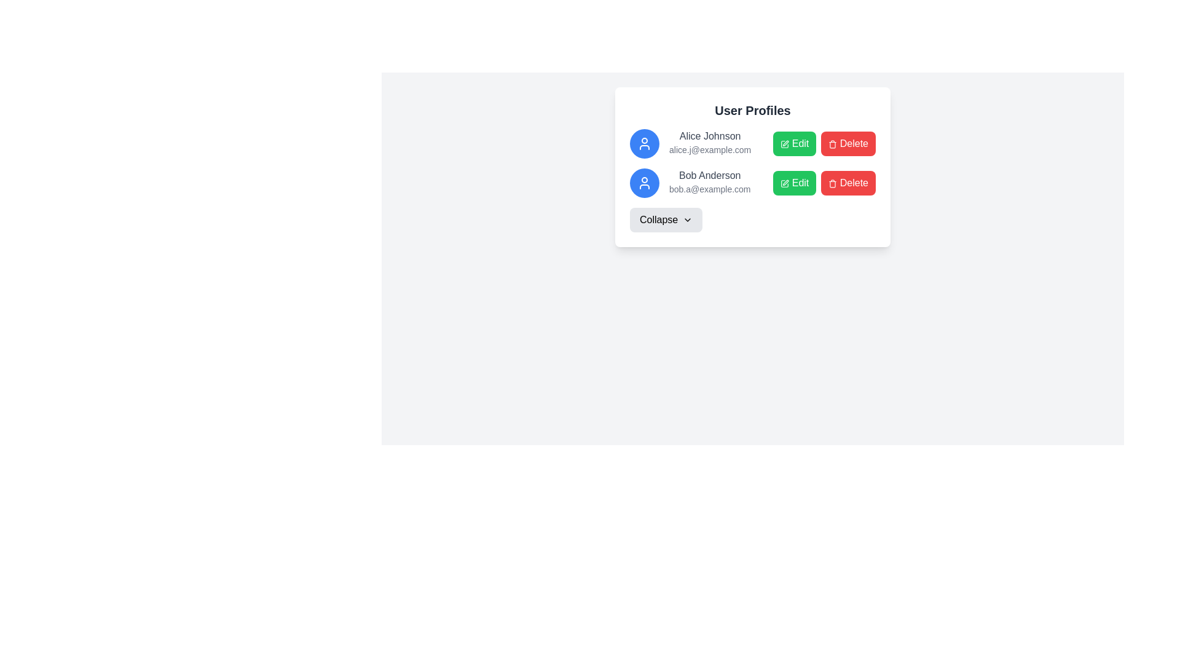 This screenshot has width=1180, height=664. What do you see at coordinates (710, 149) in the screenshot?
I see `the text display field showing 'alice.j@example.com', which is located beneath the name 'Alice Johnson' in the user profile layout` at bounding box center [710, 149].